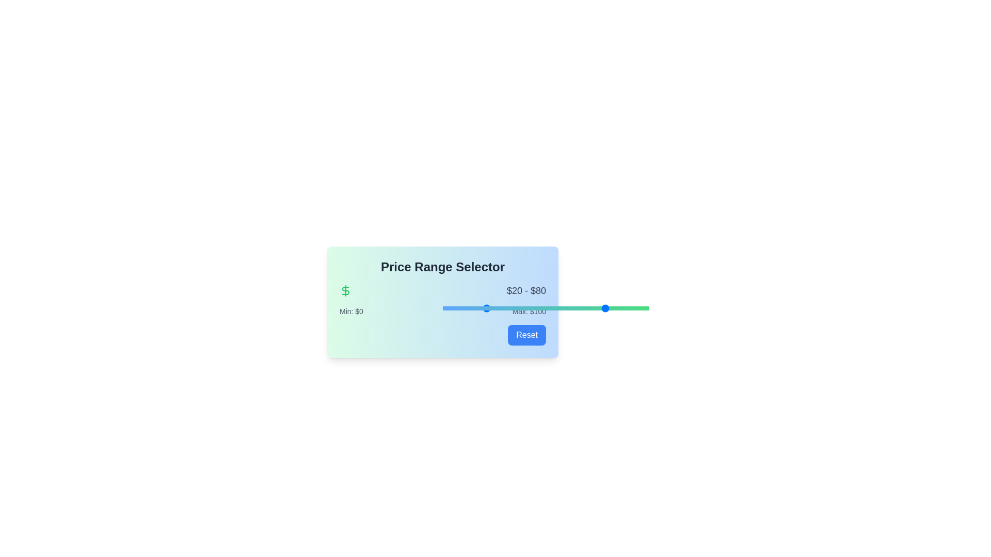 This screenshot has height=557, width=991. I want to click on the slider, so click(487, 307).